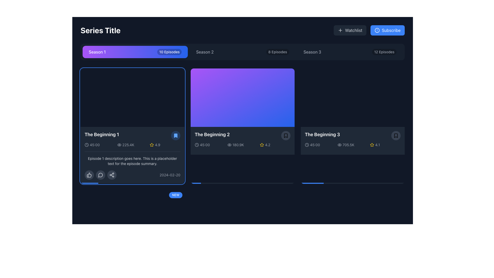  What do you see at coordinates (285, 135) in the screenshot?
I see `the circular button with a dark gray background containing a bookmark icon in the top-right corner of 'The Beginning 2' episode card` at bounding box center [285, 135].